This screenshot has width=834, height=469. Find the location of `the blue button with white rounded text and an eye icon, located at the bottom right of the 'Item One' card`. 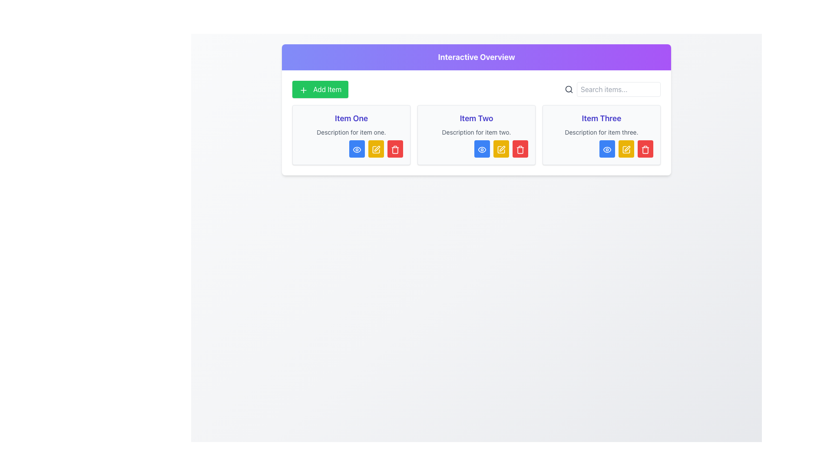

the blue button with white rounded text and an eye icon, located at the bottom right of the 'Item One' card is located at coordinates (351, 149).